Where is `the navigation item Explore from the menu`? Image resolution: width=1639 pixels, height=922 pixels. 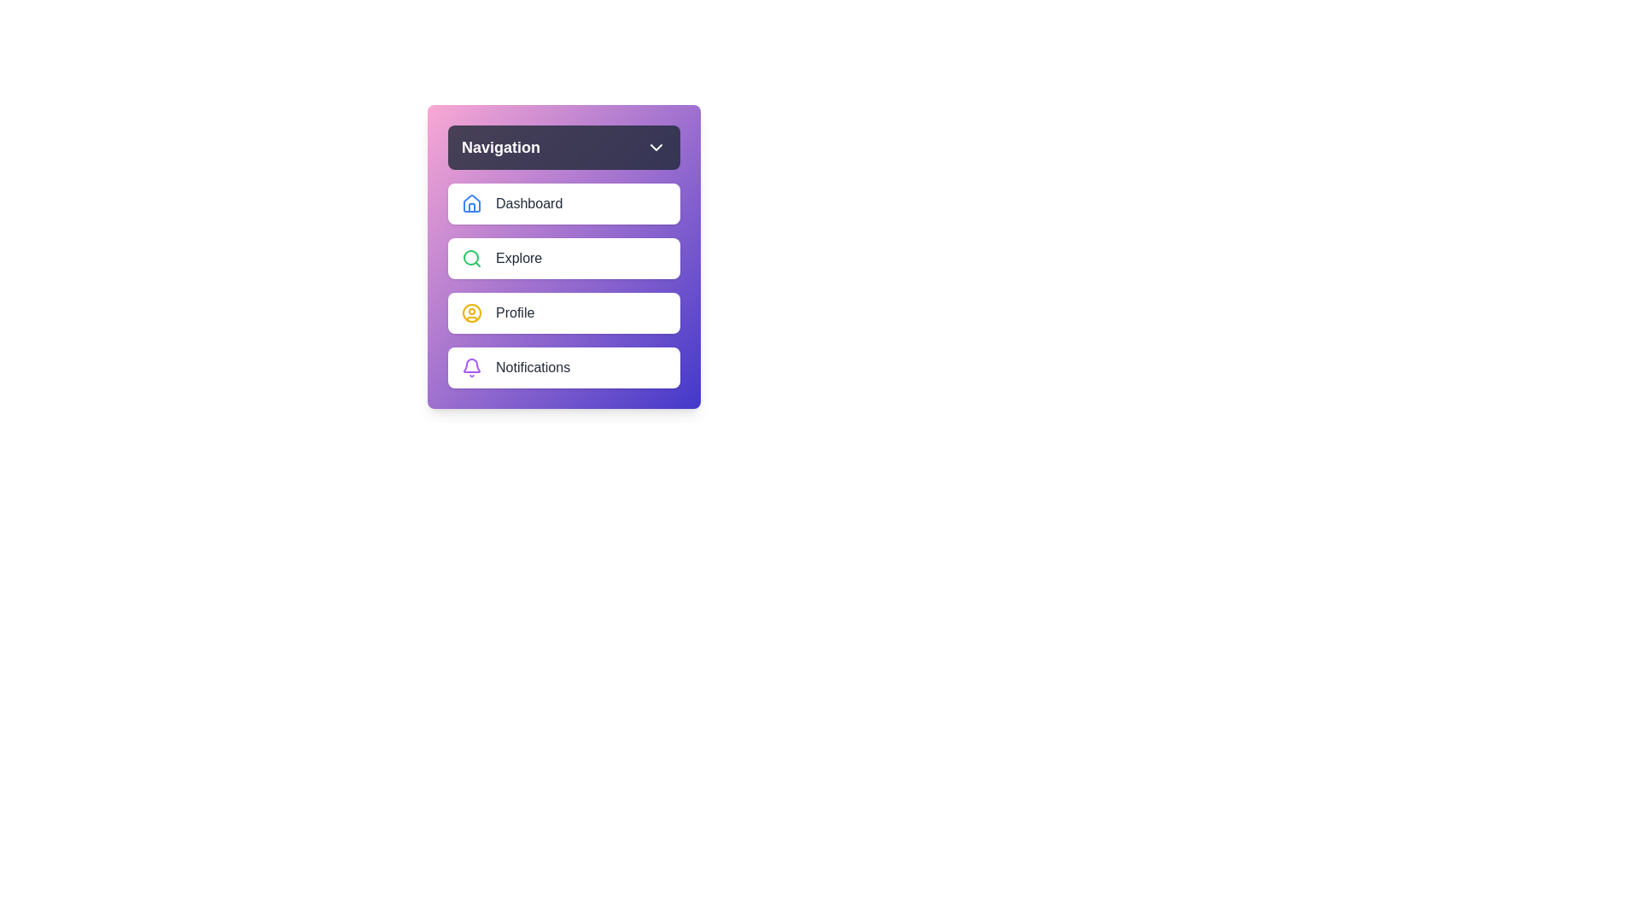 the navigation item Explore from the menu is located at coordinates (564, 259).